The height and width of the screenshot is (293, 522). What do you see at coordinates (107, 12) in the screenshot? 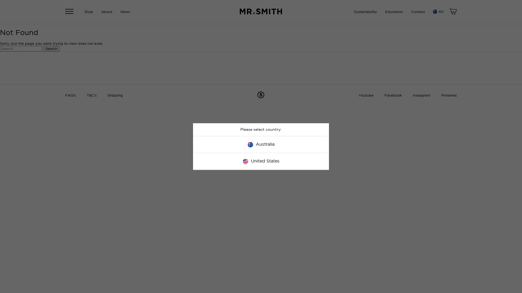
I see `'About'` at bounding box center [107, 12].